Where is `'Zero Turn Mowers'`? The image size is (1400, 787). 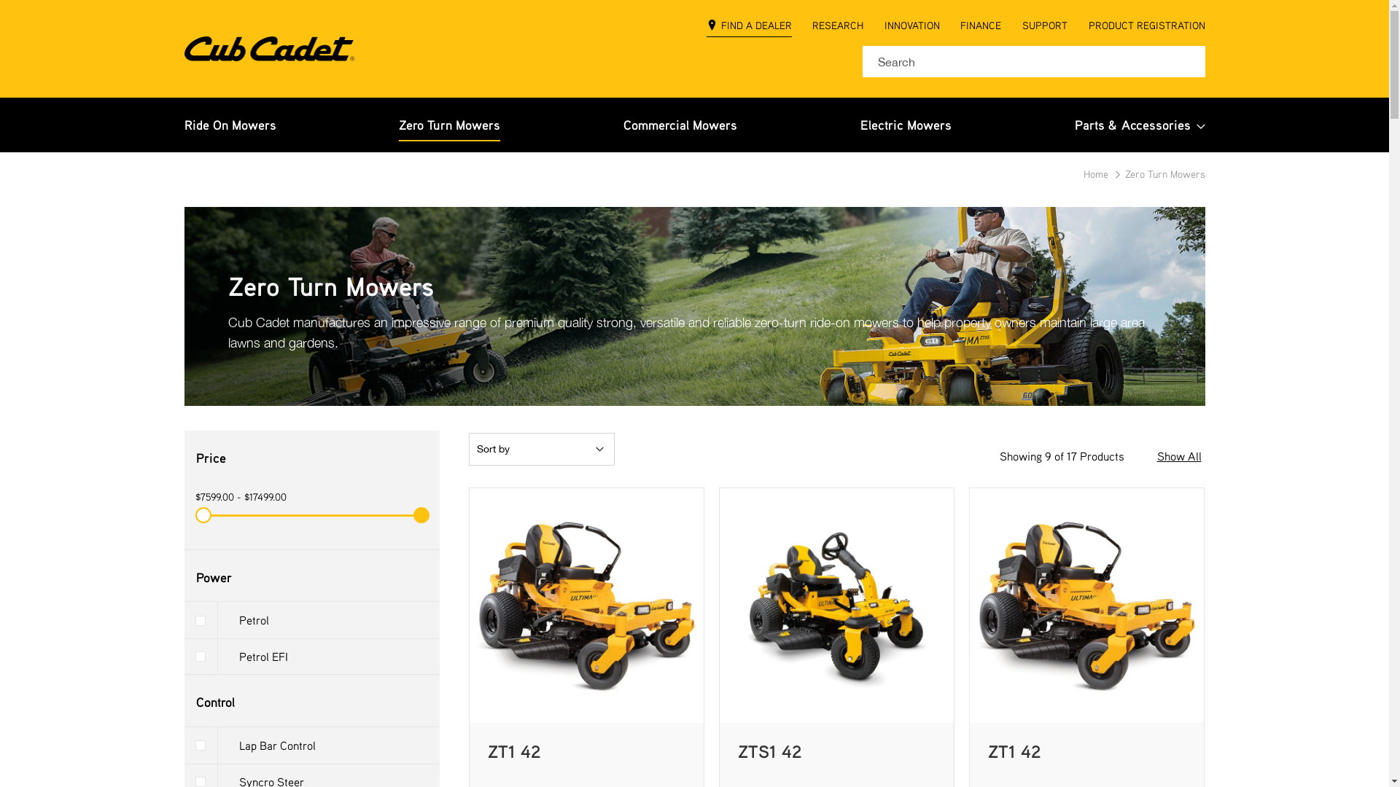
'Zero Turn Mowers' is located at coordinates (448, 124).